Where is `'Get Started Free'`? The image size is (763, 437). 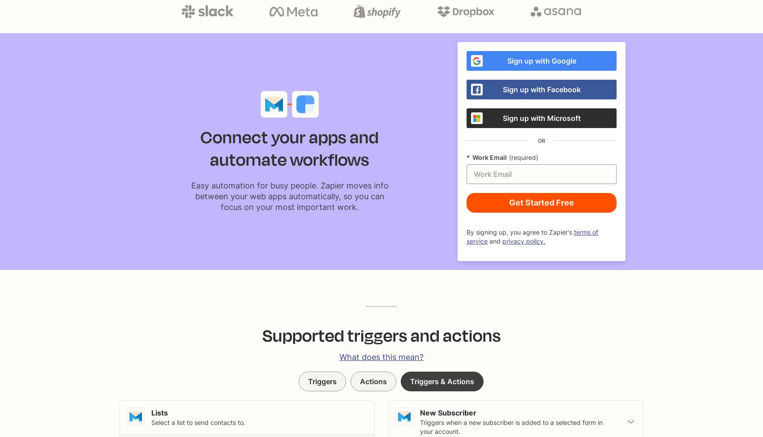 'Get Started Free' is located at coordinates (541, 202).